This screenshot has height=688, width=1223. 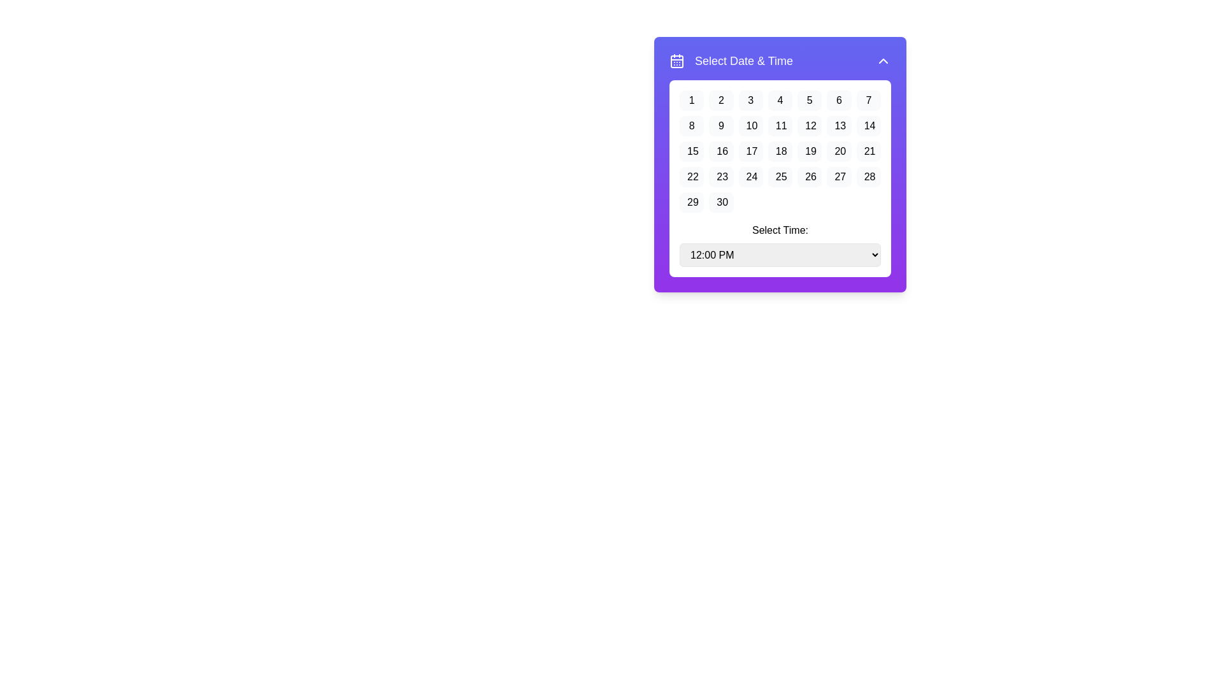 I want to click on the date selection cell for '3' in the calendar grid within the 'Select Date & Time' interface, so click(x=750, y=100).